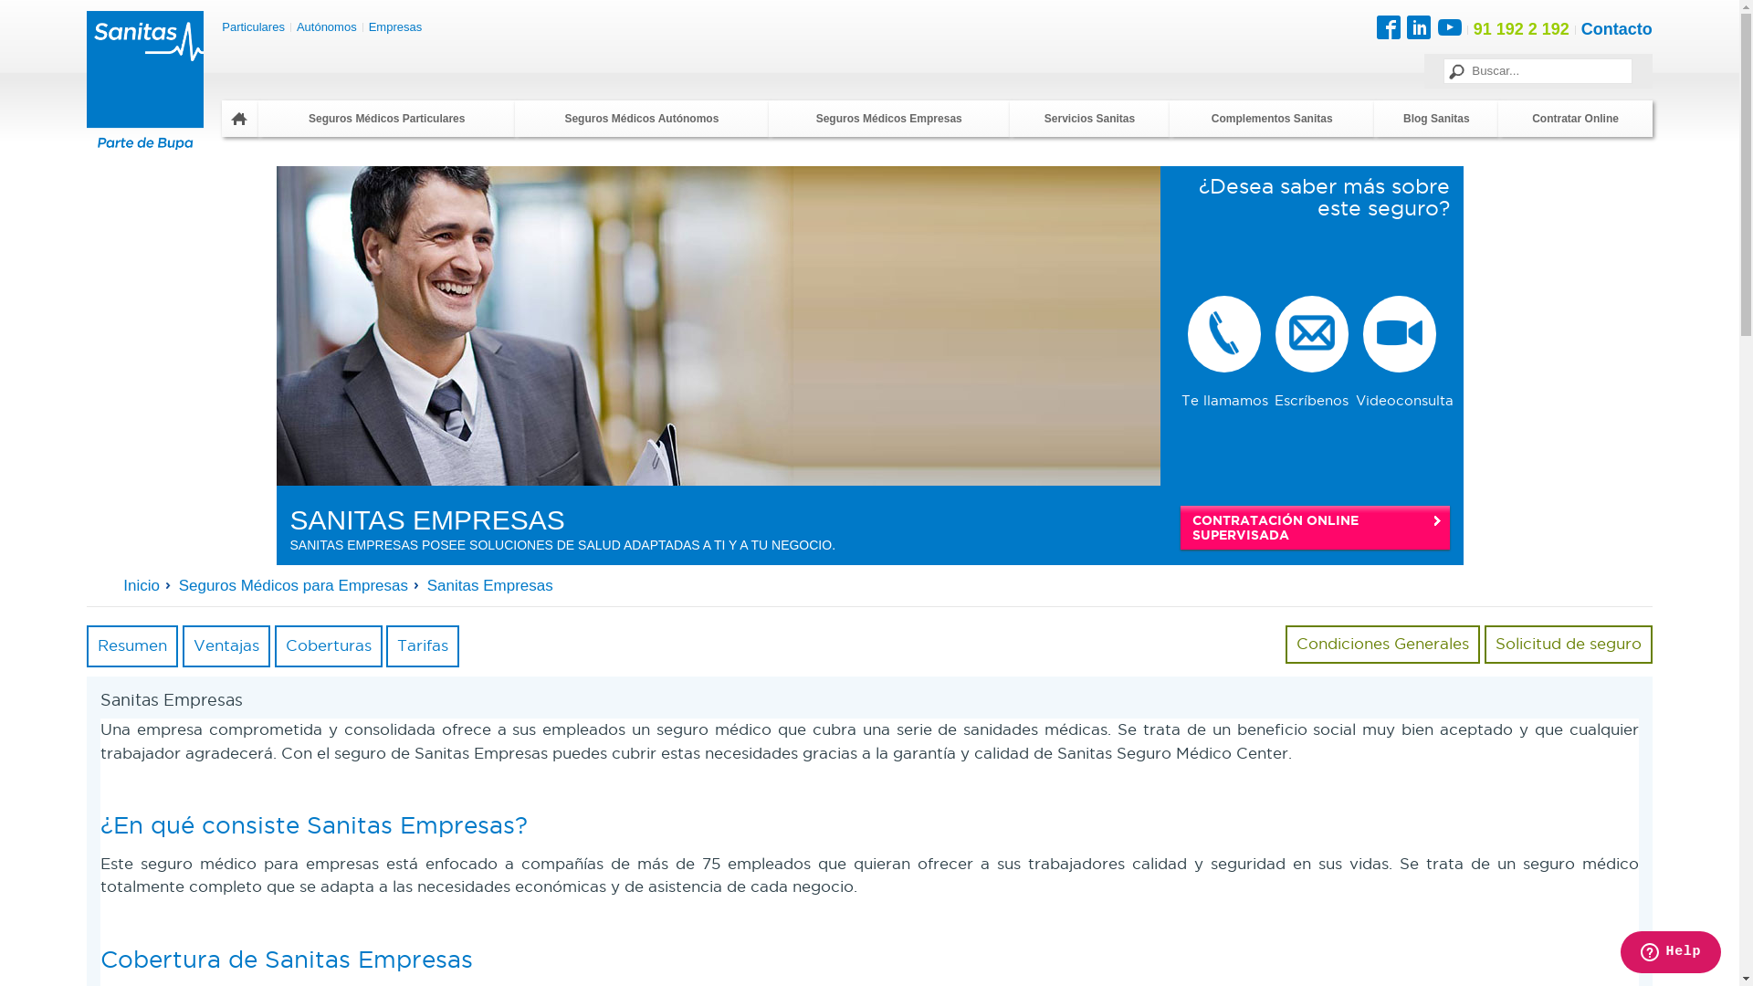 This screenshot has width=1753, height=986. Describe the element at coordinates (1382, 643) in the screenshot. I see `'Condiciones Generales'` at that location.